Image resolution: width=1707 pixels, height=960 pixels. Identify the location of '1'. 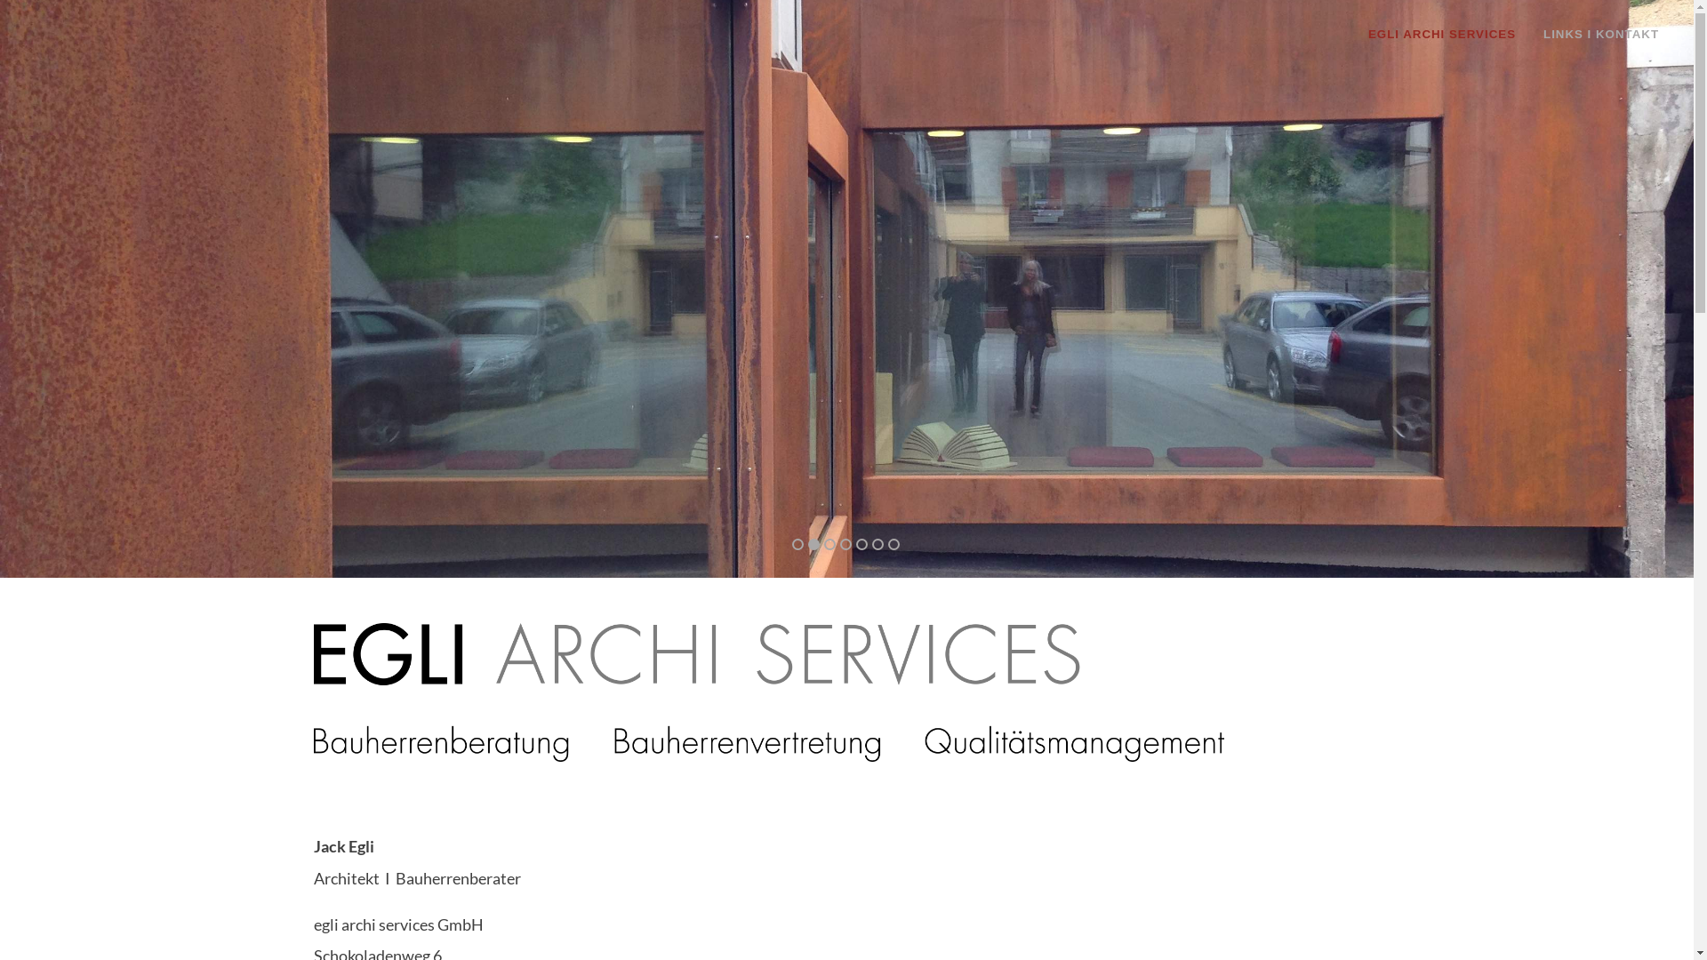
(787, 542).